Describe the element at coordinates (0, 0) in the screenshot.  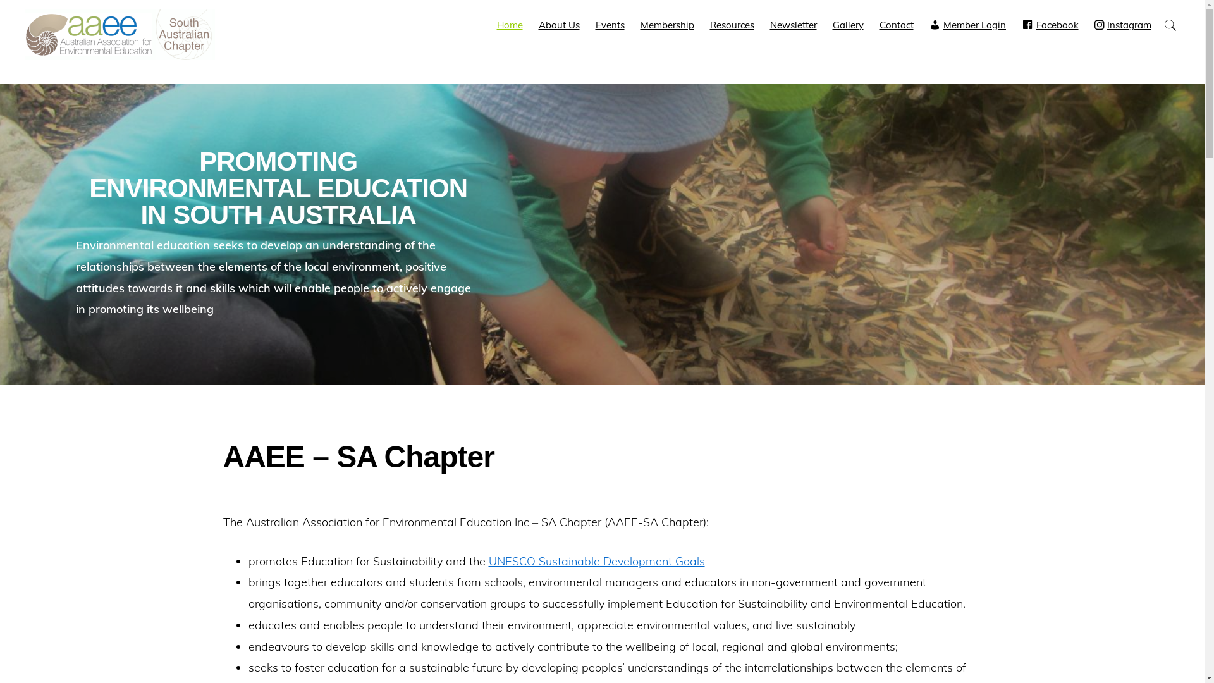
I see `'Skip to primary navigation'` at that location.